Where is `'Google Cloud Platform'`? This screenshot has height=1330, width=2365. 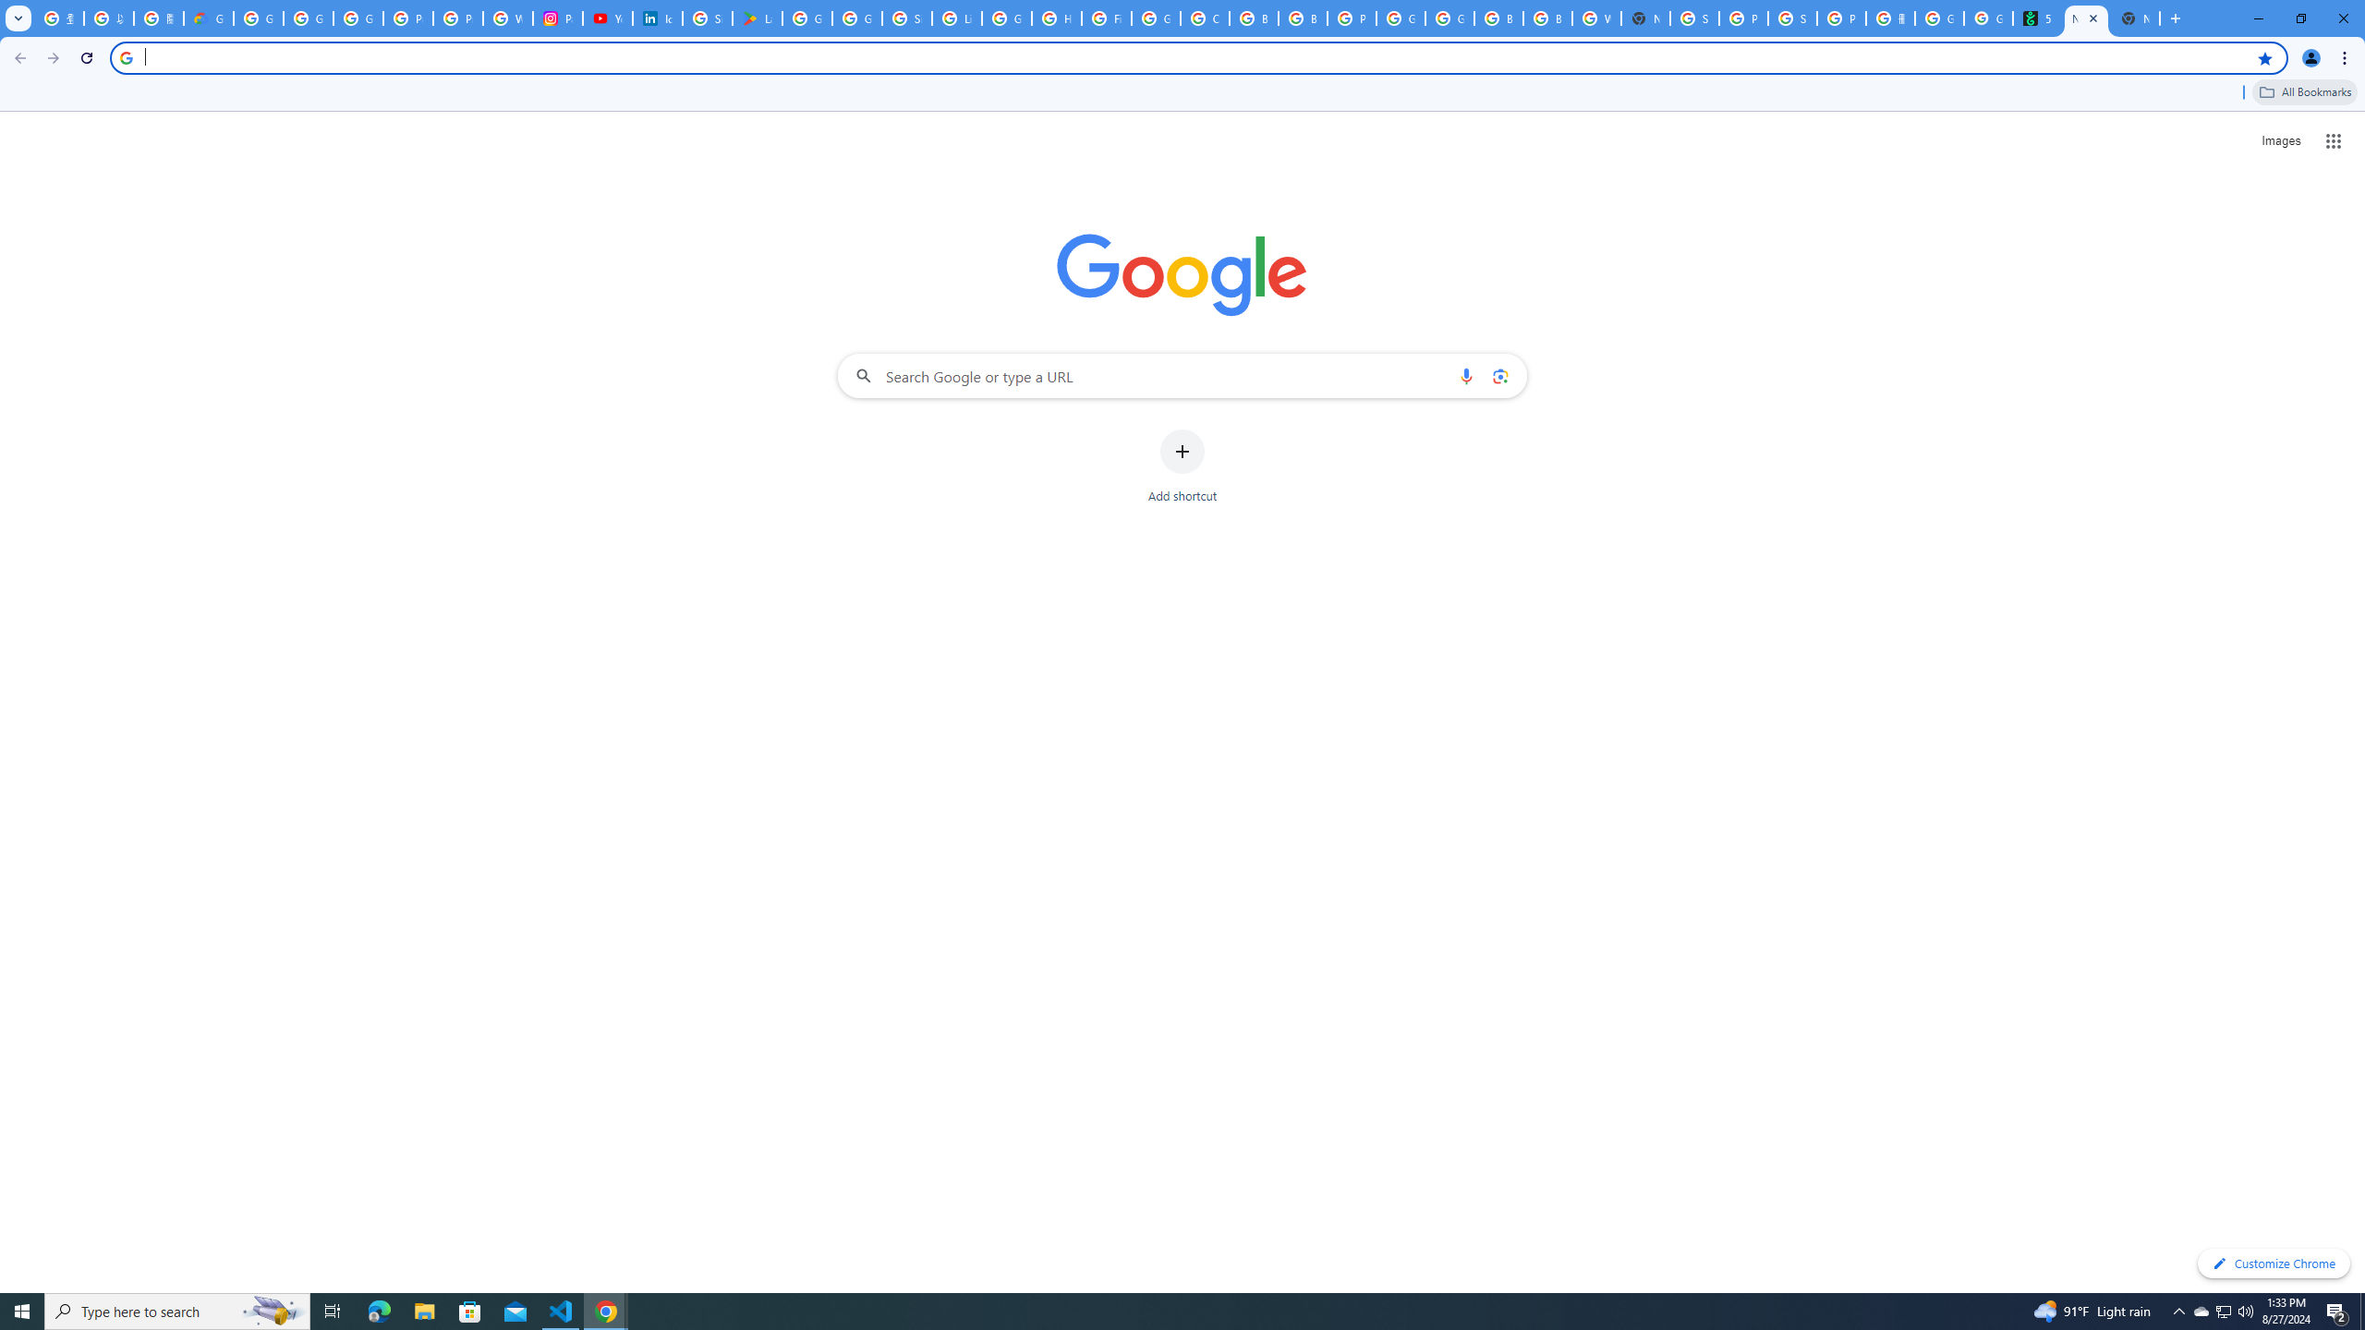 'Google Cloud Platform' is located at coordinates (1401, 18).